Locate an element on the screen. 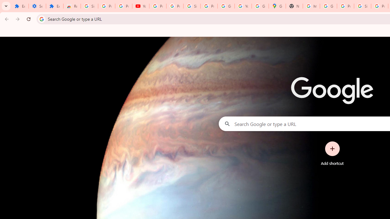  'Settings' is located at coordinates (37, 6).